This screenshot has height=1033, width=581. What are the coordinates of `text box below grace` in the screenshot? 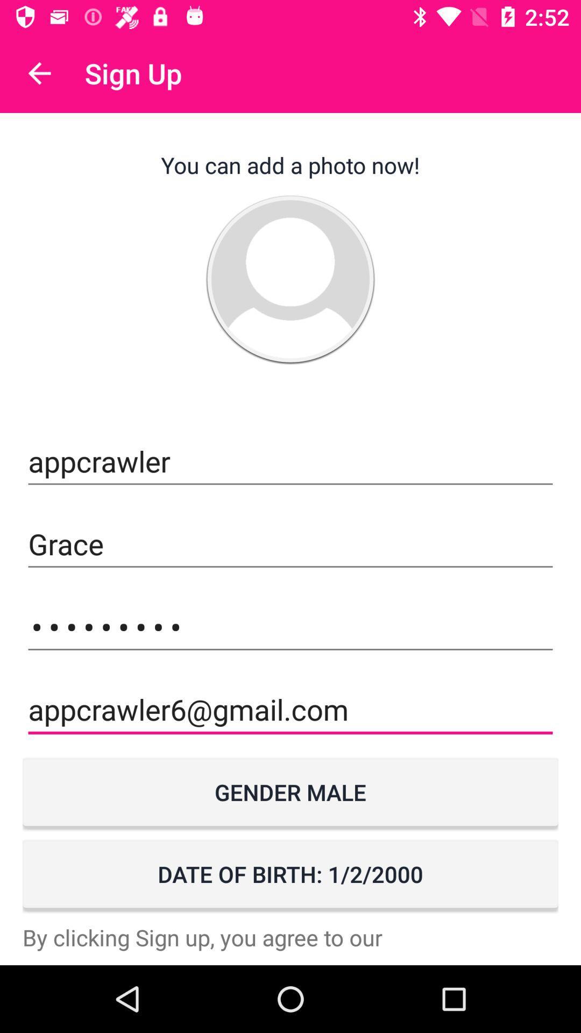 It's located at (290, 627).